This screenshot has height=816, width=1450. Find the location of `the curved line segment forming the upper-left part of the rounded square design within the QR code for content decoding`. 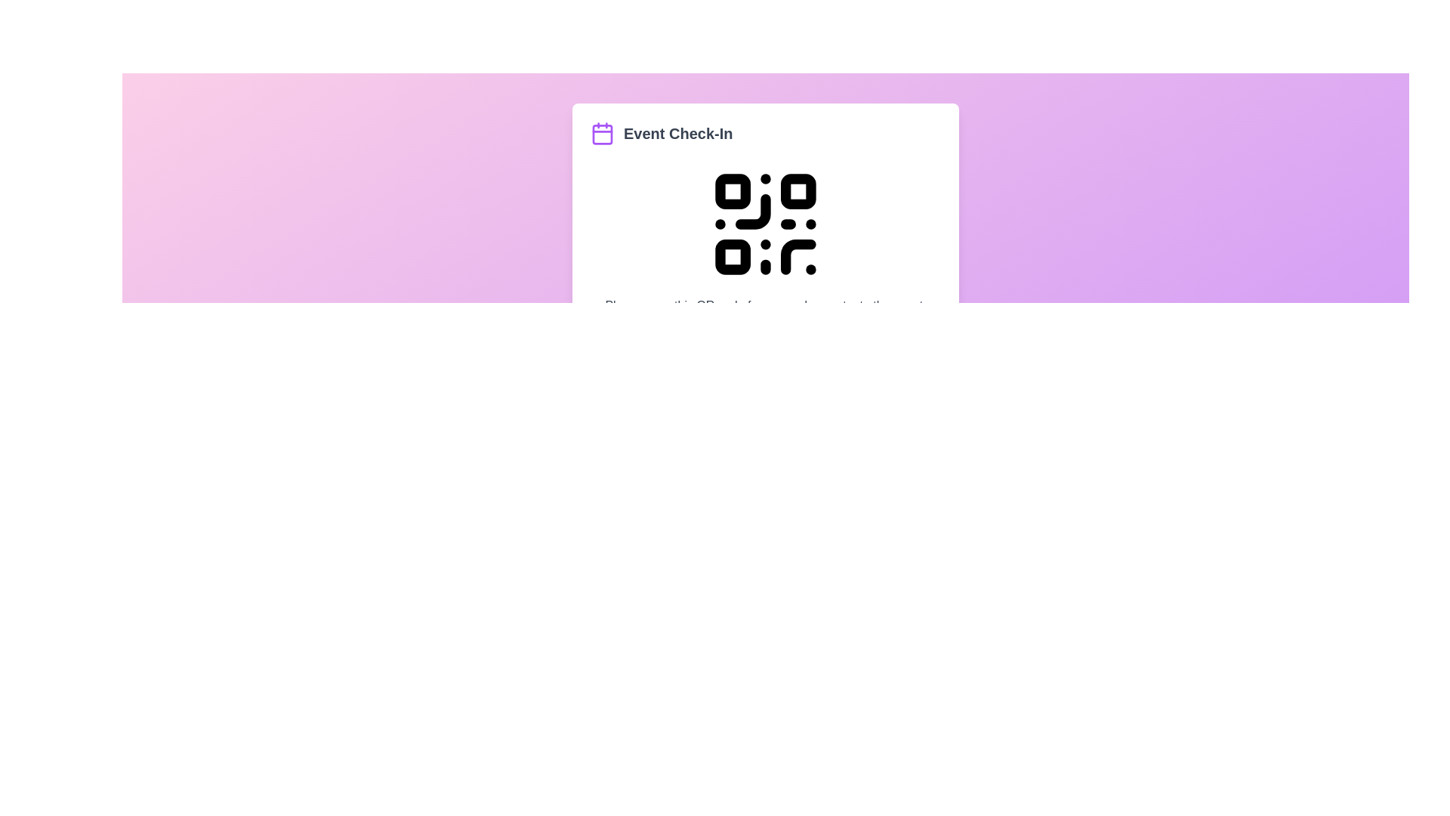

the curved line segment forming the upper-left part of the rounded square design within the QR code for content decoding is located at coordinates (797, 256).